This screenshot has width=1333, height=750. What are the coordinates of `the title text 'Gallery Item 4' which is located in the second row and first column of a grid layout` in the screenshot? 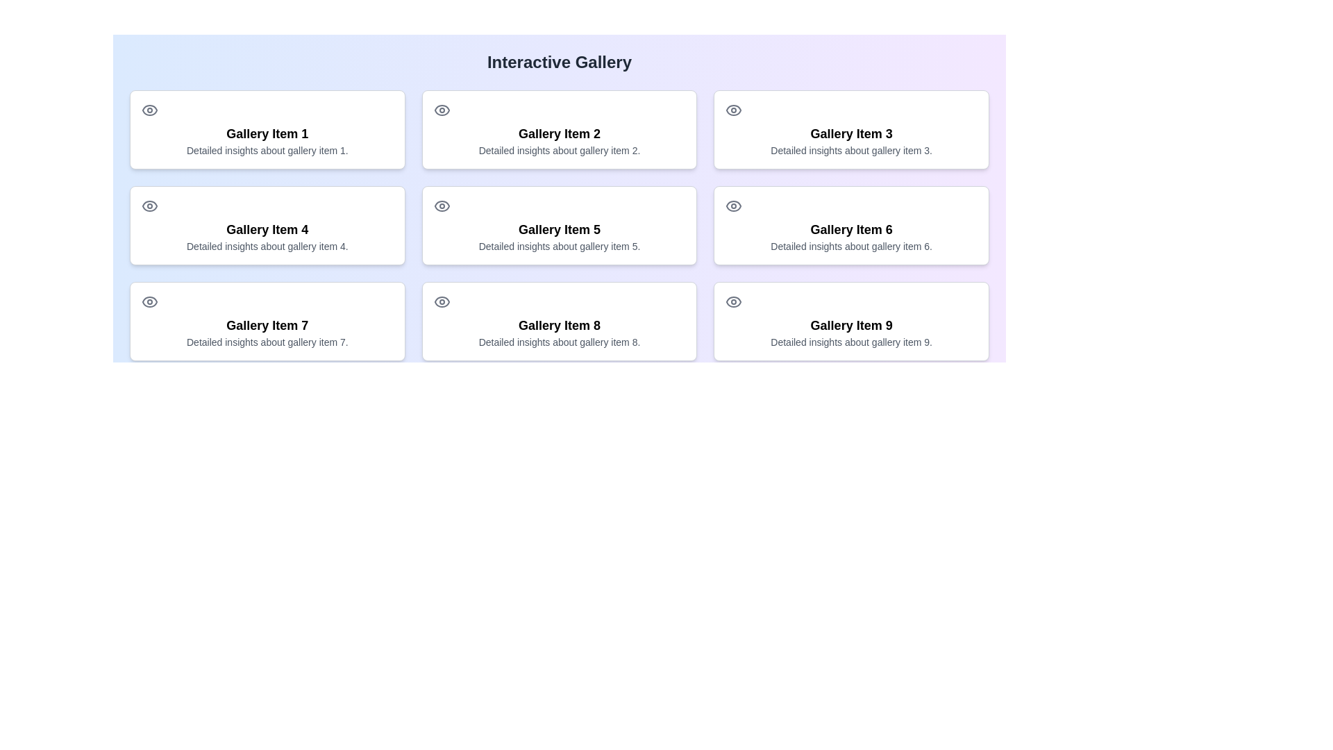 It's located at (267, 229).